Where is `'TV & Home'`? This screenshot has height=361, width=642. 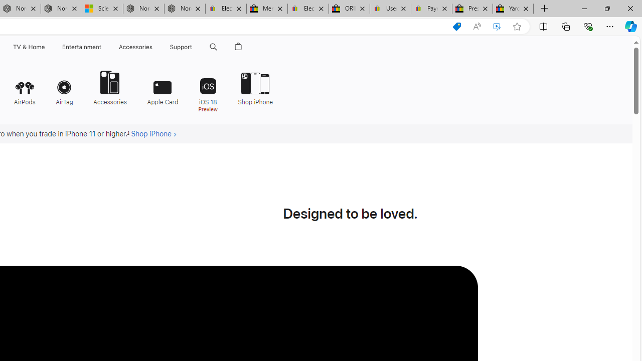 'TV & Home' is located at coordinates (28, 47).